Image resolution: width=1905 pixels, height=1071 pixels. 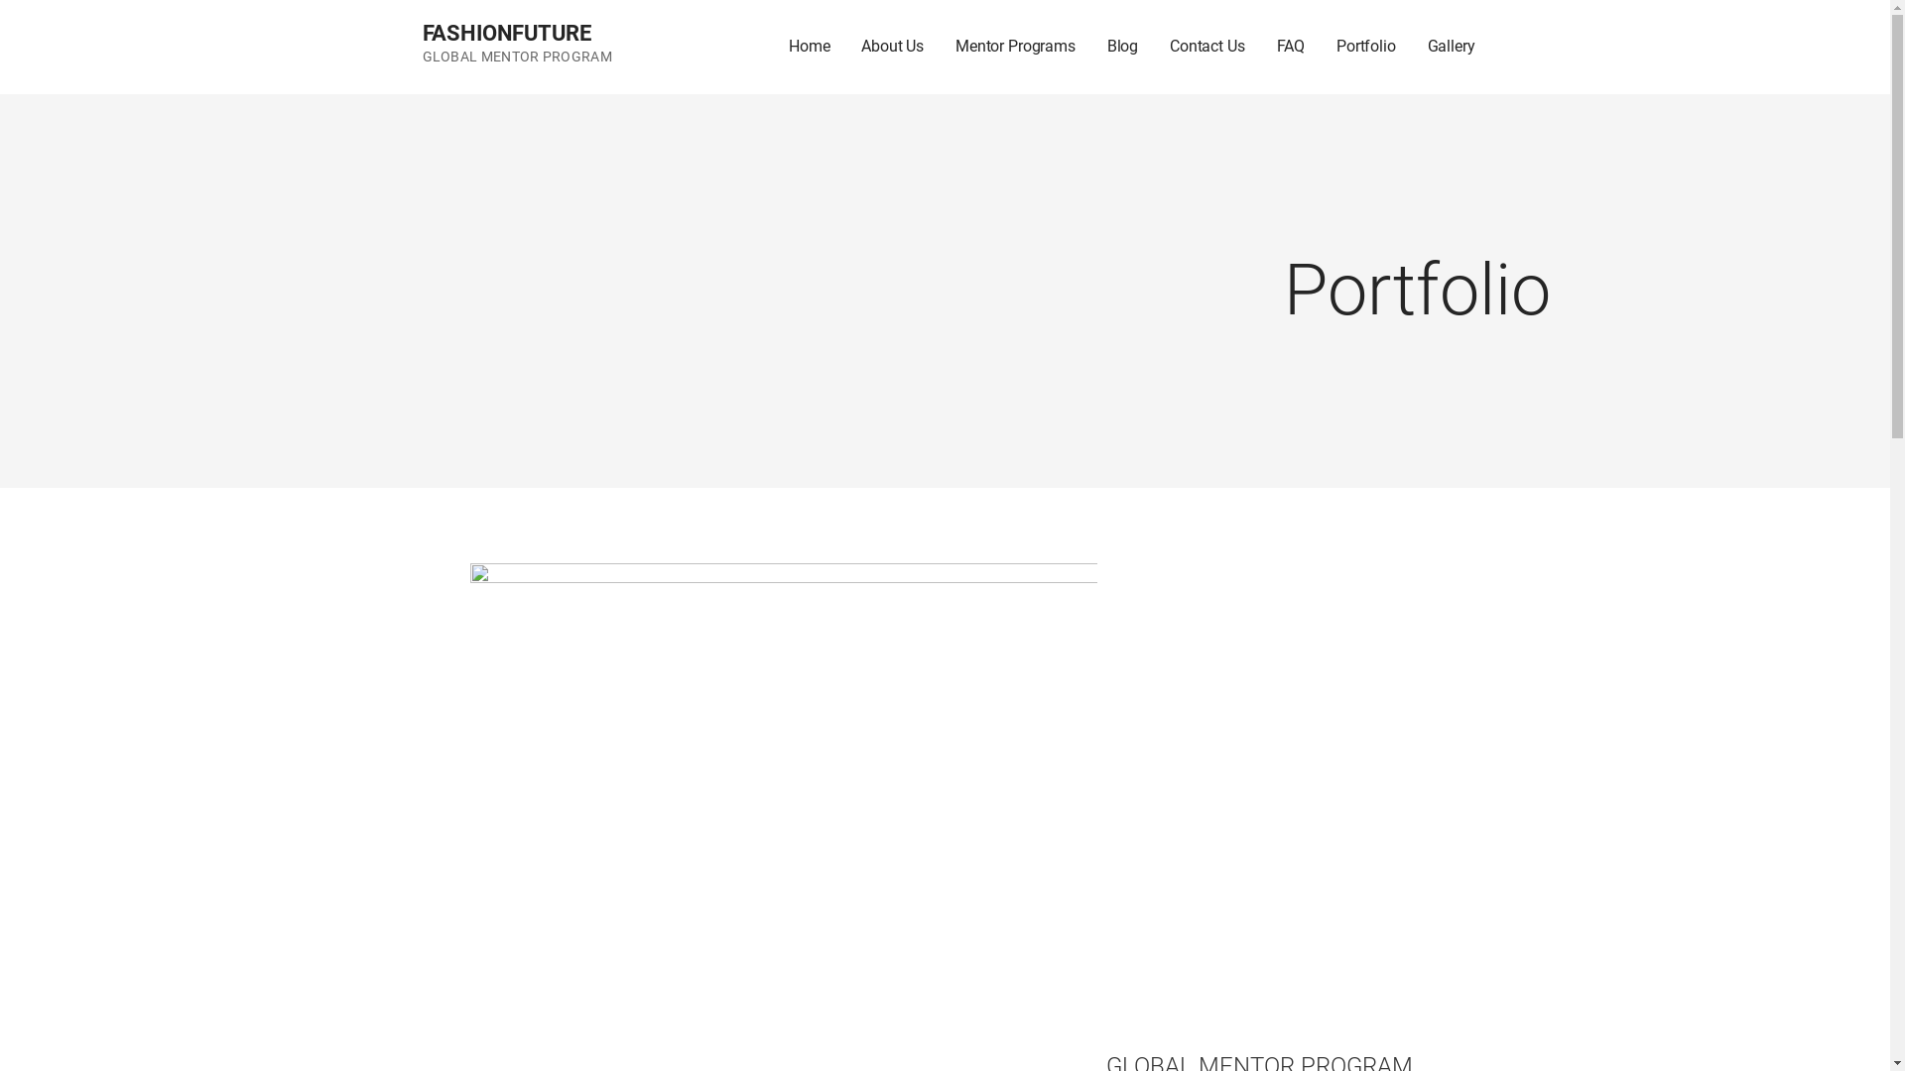 I want to click on 'Contact Us', so click(x=1153, y=46).